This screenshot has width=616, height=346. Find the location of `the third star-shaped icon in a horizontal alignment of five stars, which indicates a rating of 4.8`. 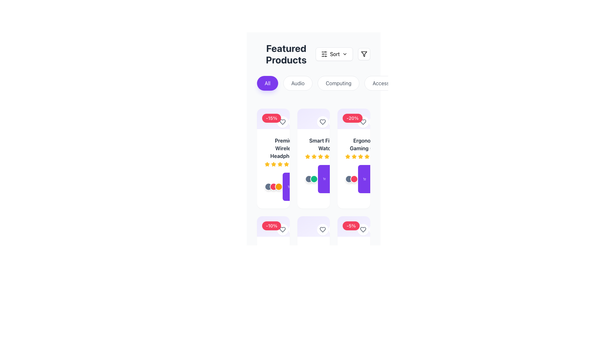

the third star-shaped icon in a horizontal alignment of five stars, which indicates a rating of 4.8 is located at coordinates (314, 157).